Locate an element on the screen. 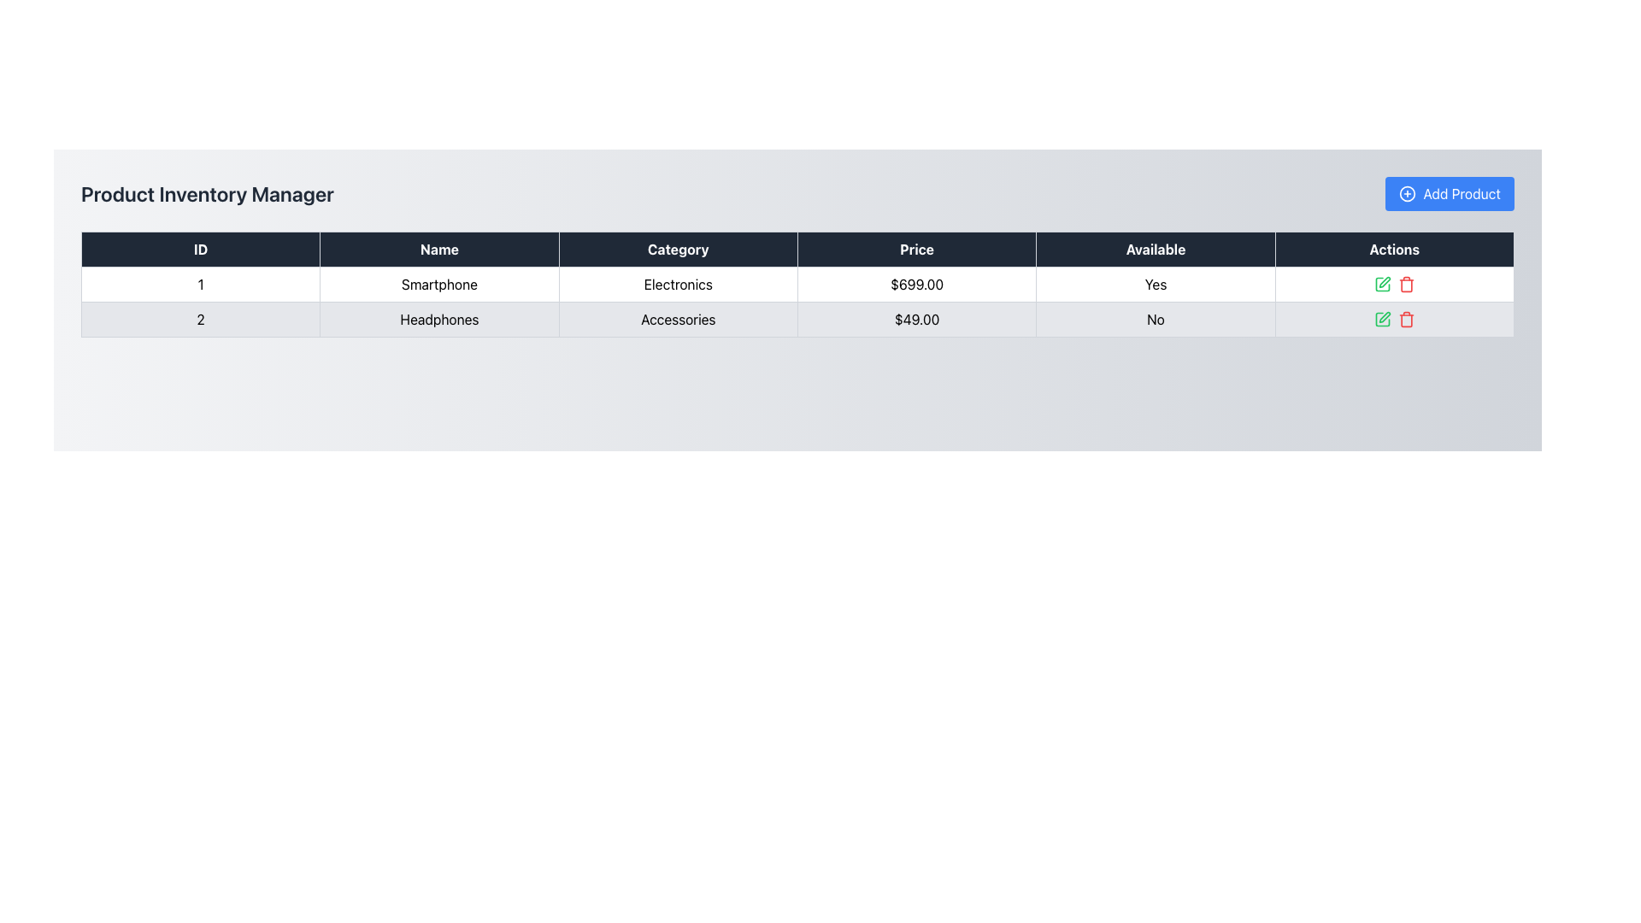 This screenshot has height=923, width=1641. the table cell in the third column of the first row is located at coordinates (677, 283).